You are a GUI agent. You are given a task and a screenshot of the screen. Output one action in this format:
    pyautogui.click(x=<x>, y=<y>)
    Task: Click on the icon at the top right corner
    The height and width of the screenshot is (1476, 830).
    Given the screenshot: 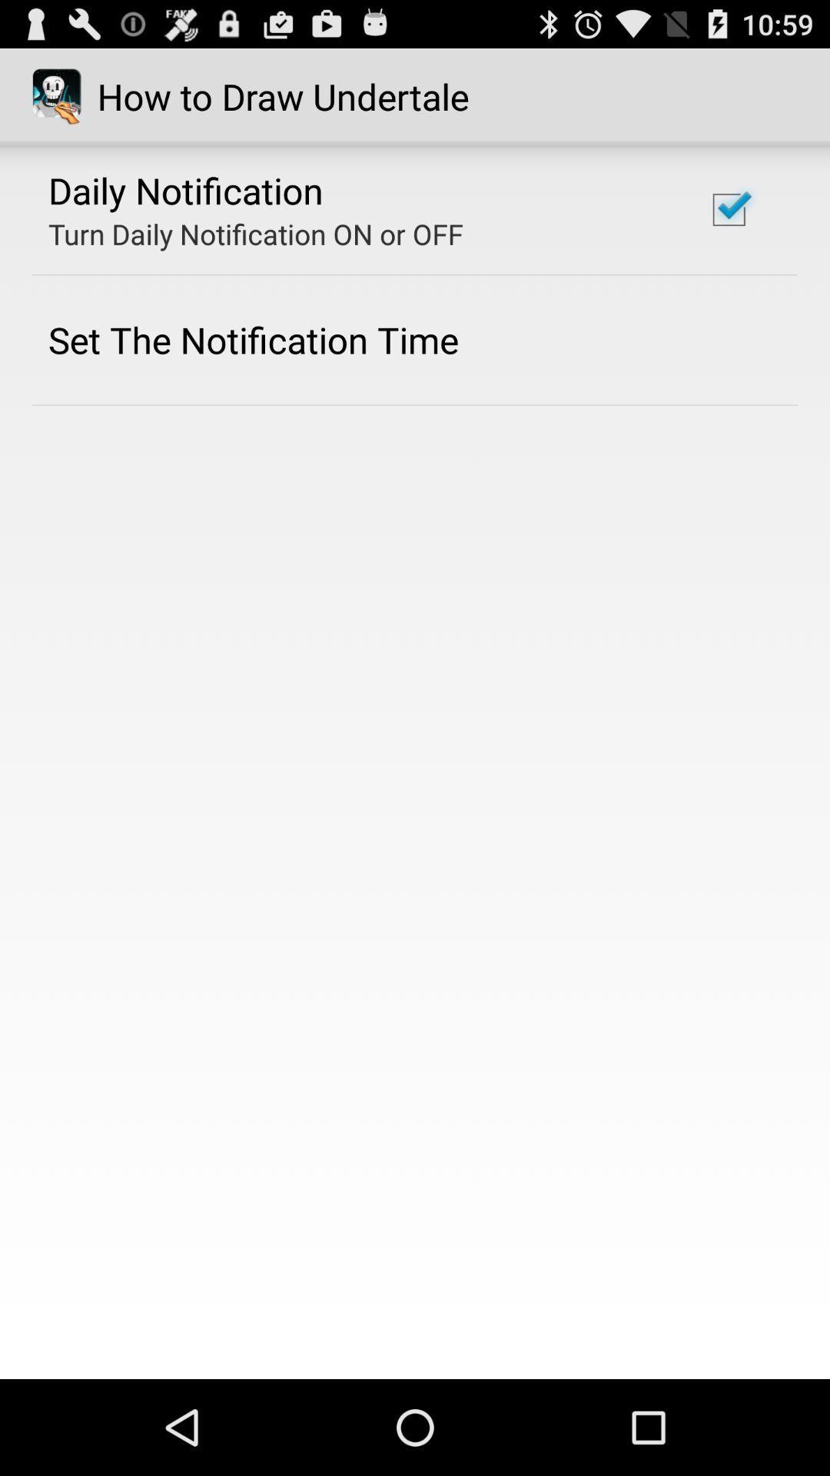 What is the action you would take?
    pyautogui.click(x=728, y=209)
    